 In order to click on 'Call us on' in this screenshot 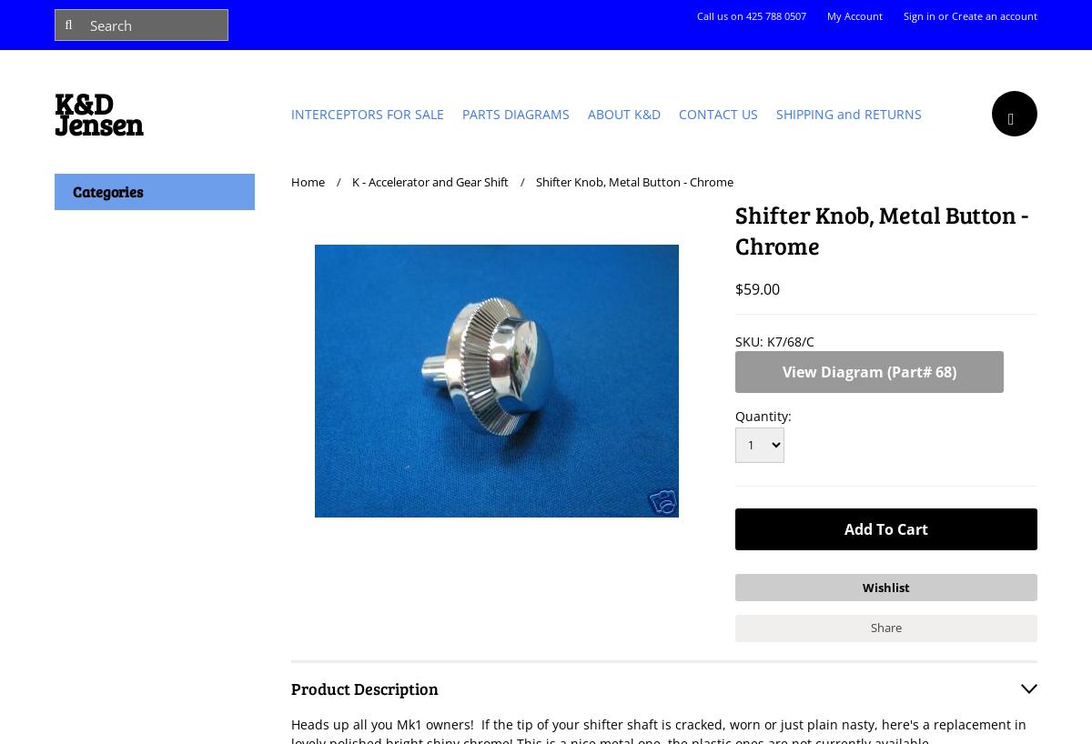, I will do `click(720, 15)`.